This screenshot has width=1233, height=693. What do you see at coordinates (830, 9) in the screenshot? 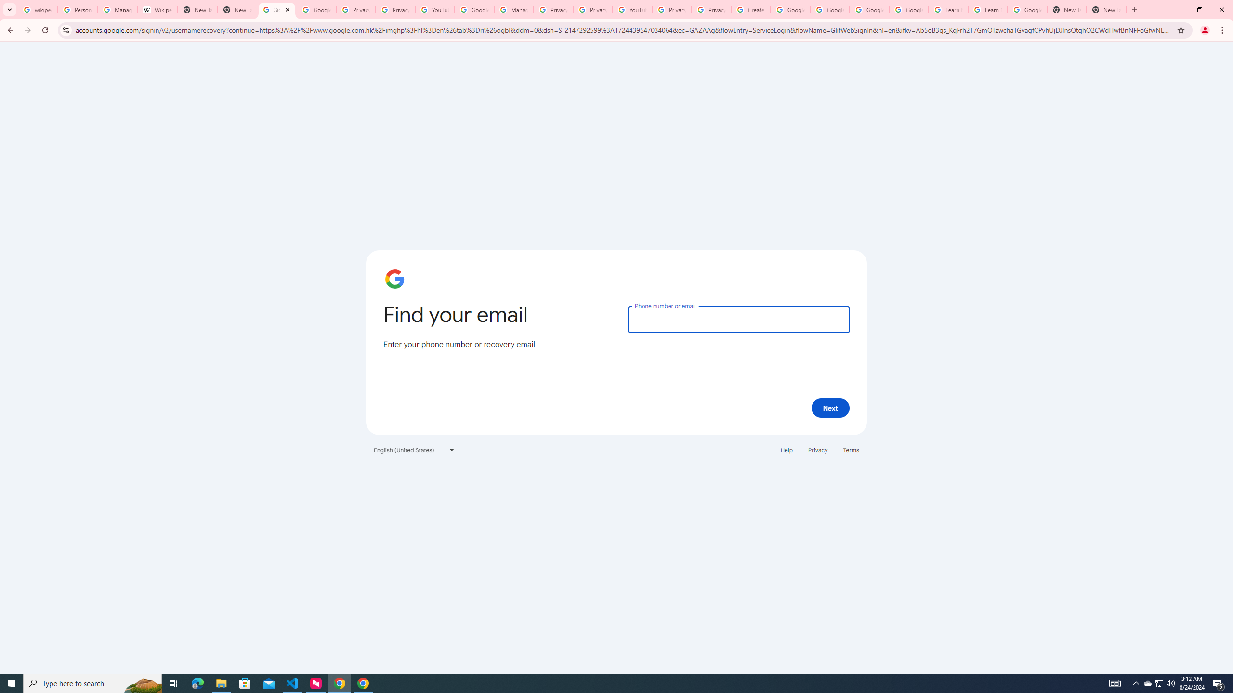
I see `'Google Account Help'` at bounding box center [830, 9].